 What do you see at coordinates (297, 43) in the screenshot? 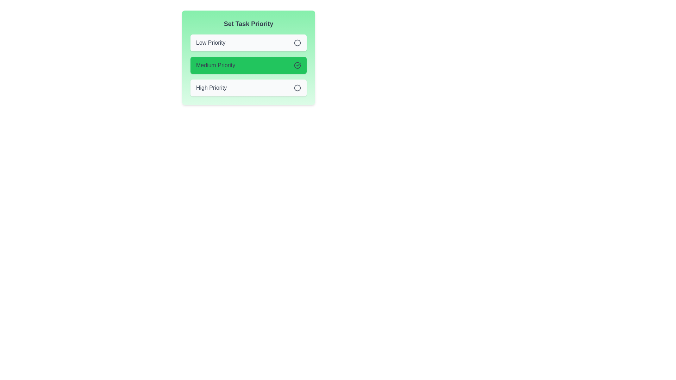
I see `the small outlined circle icon with a thin black border and white interior, located at the far right of the 'Low Priority' button in the 'Set Task Priority' list` at bounding box center [297, 43].